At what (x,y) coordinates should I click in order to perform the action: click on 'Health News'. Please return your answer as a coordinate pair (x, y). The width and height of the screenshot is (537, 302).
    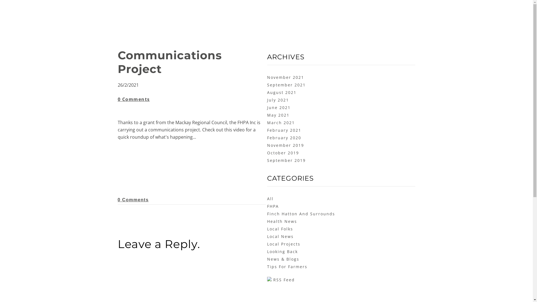
    Looking at the image, I should click on (282, 221).